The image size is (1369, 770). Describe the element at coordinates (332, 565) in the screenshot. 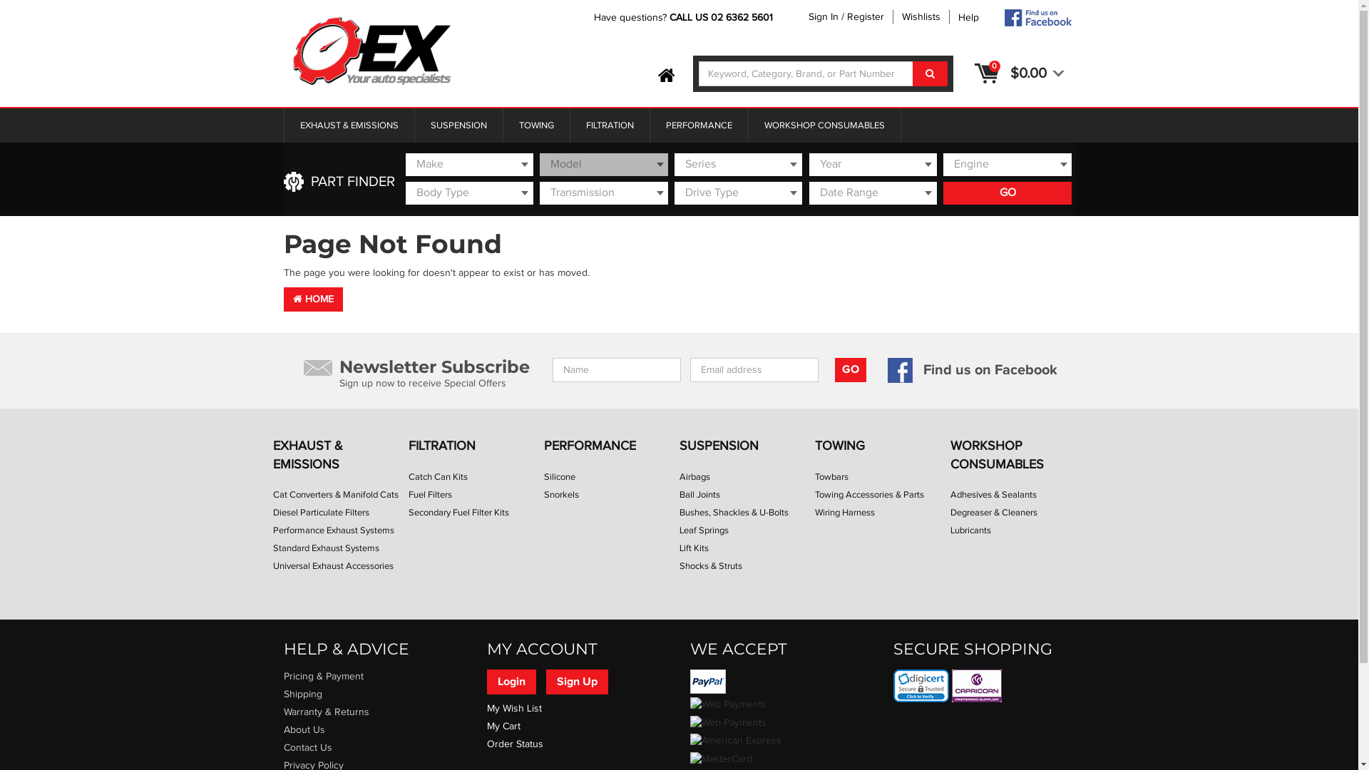

I see `'Universal Exhaust Accessories'` at that location.